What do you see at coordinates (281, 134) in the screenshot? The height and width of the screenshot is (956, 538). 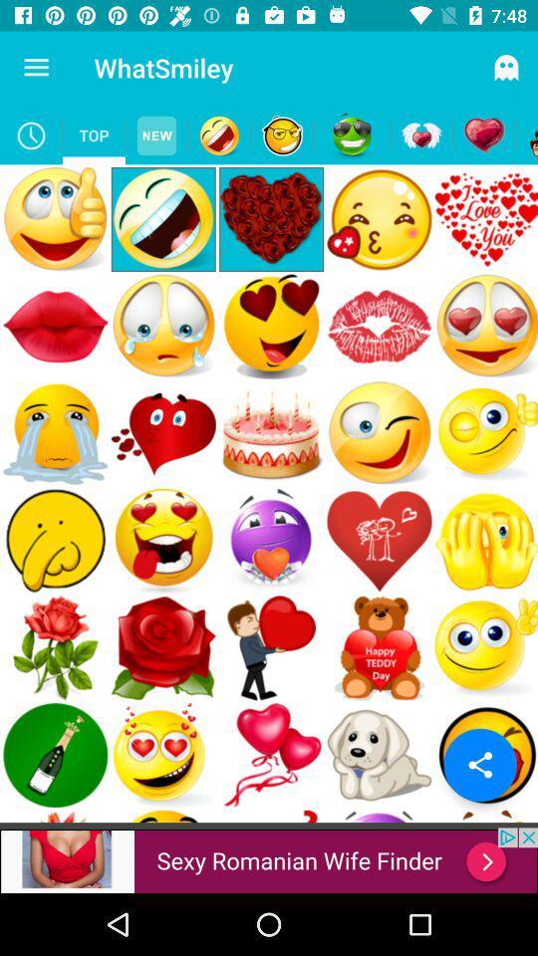 I see `another type of emojis page` at bounding box center [281, 134].